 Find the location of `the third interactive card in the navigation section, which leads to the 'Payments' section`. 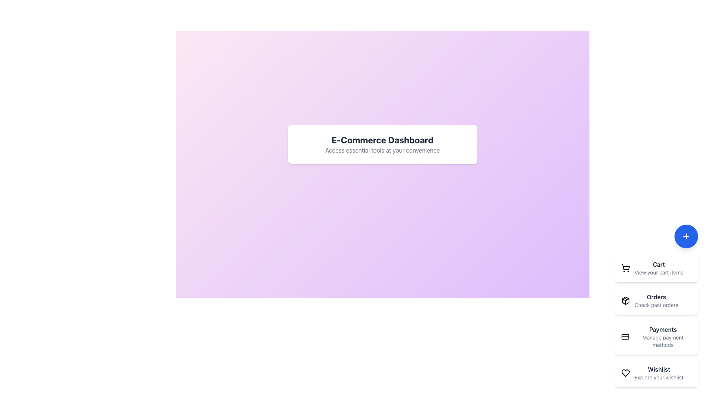

the third interactive card in the navigation section, which leads to the 'Payments' section is located at coordinates (657, 320).